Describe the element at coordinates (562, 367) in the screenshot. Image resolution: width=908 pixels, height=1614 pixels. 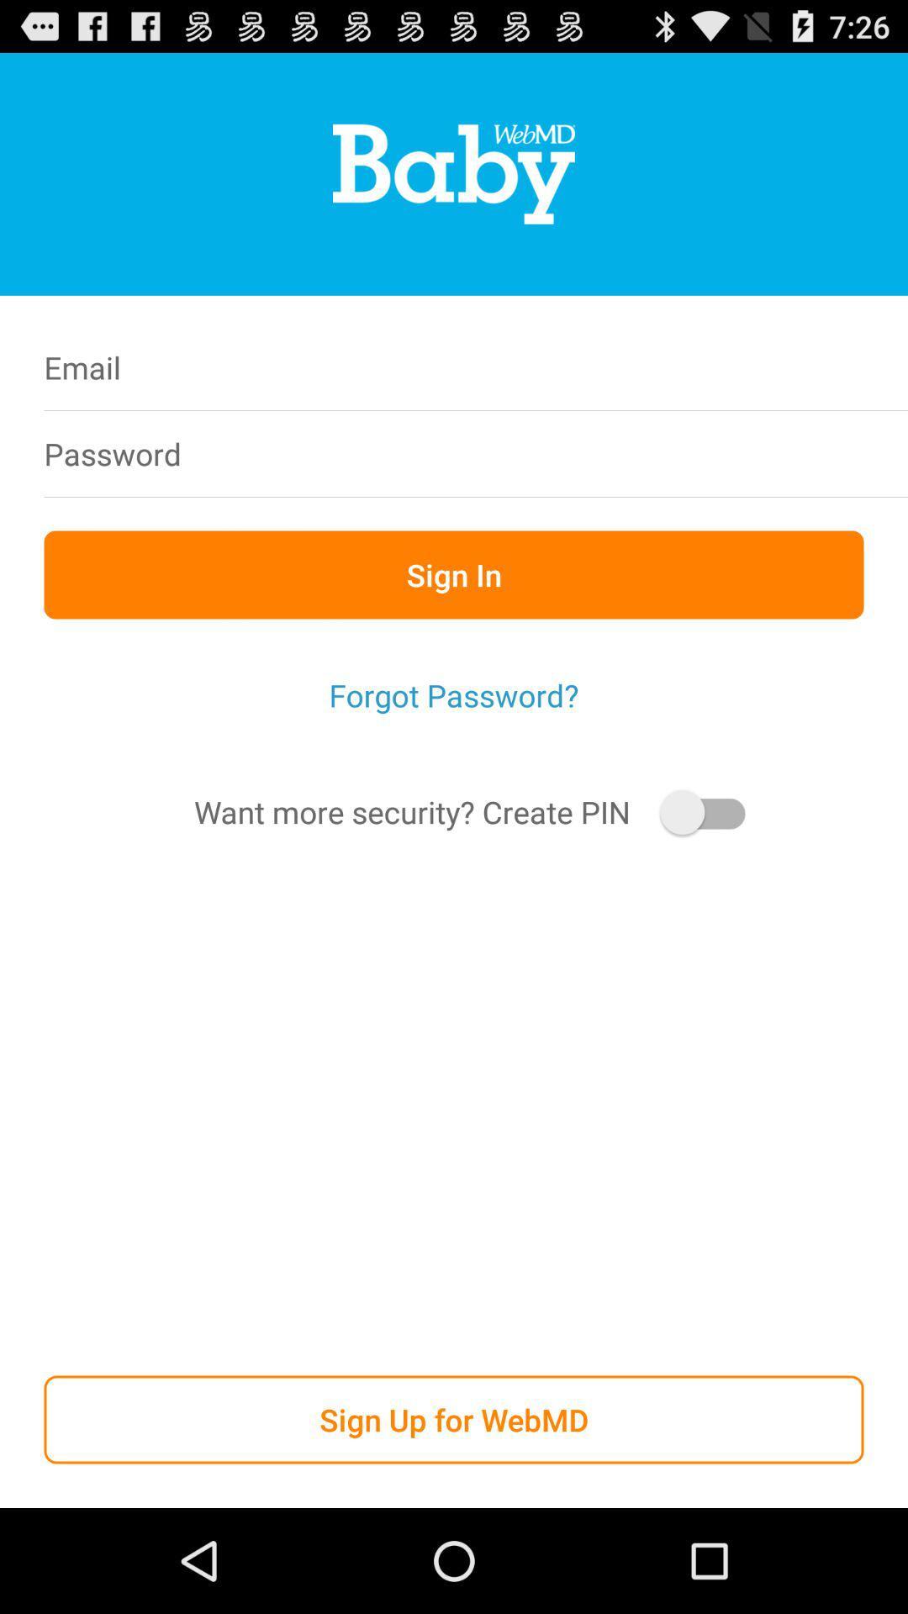
I see `space for email` at that location.